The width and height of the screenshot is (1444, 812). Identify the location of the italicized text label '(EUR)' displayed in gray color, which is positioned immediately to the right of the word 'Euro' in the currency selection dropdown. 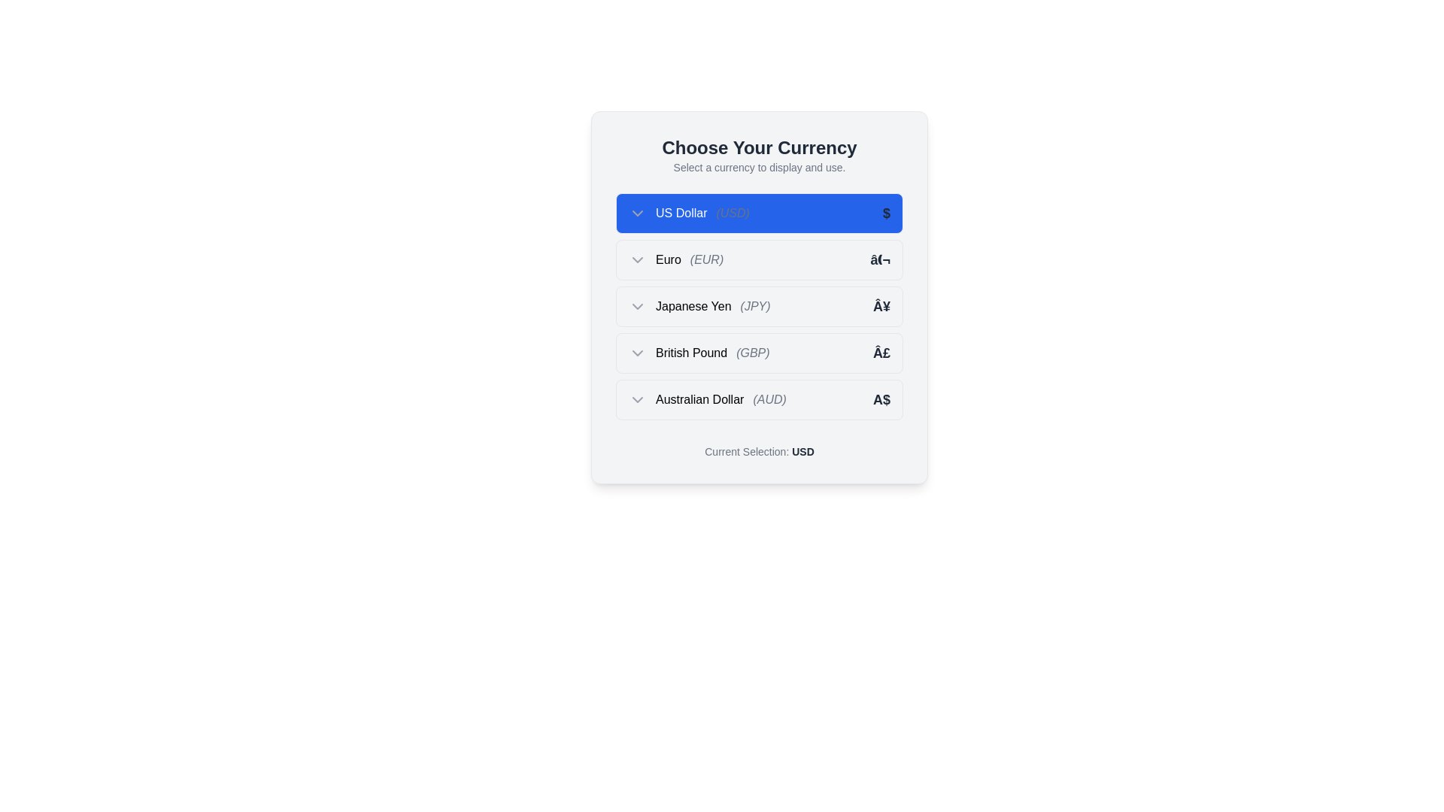
(706, 259).